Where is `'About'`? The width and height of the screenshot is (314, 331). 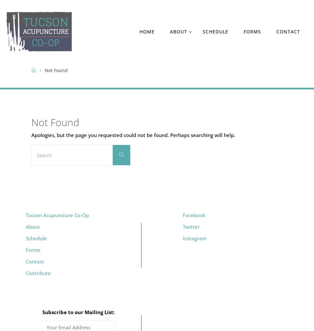 'About' is located at coordinates (25, 226).